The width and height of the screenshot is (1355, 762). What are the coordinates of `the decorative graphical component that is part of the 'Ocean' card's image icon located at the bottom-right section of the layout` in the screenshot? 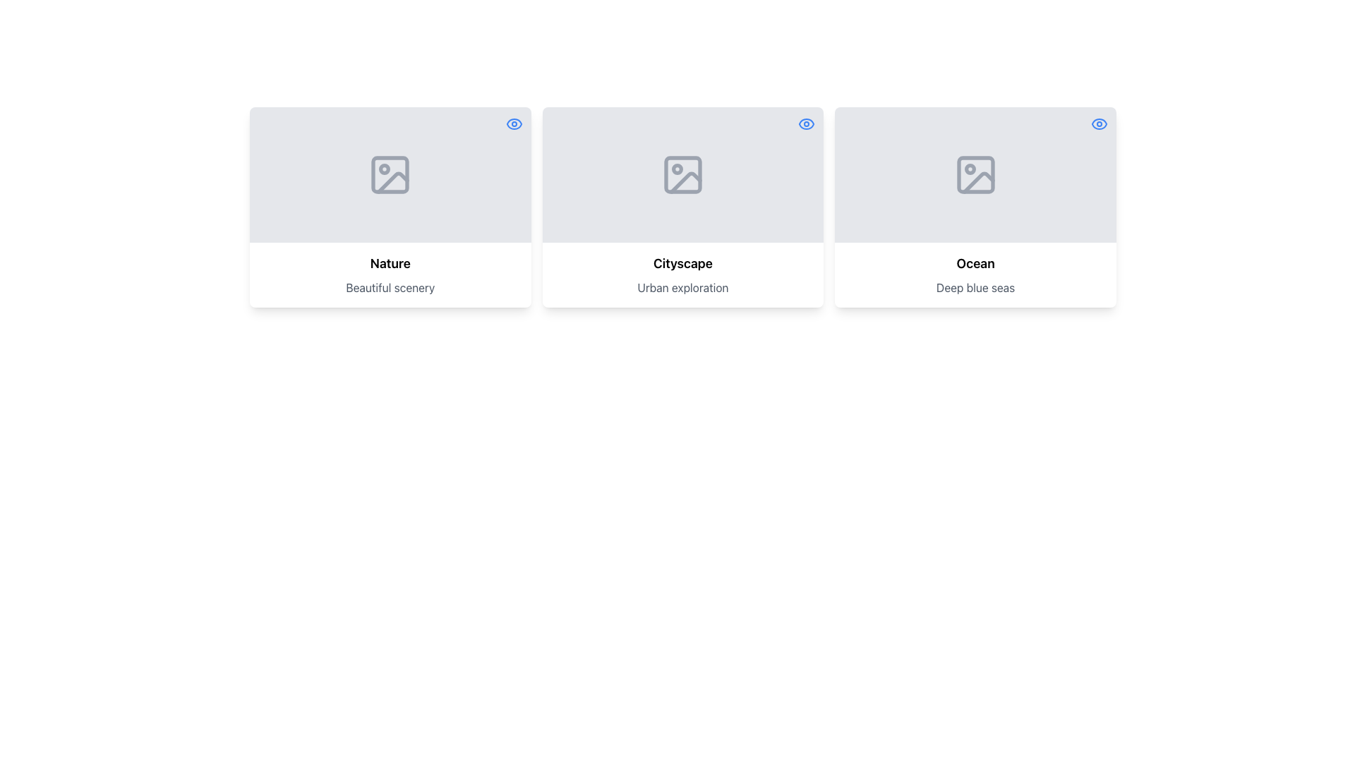 It's located at (975, 174).